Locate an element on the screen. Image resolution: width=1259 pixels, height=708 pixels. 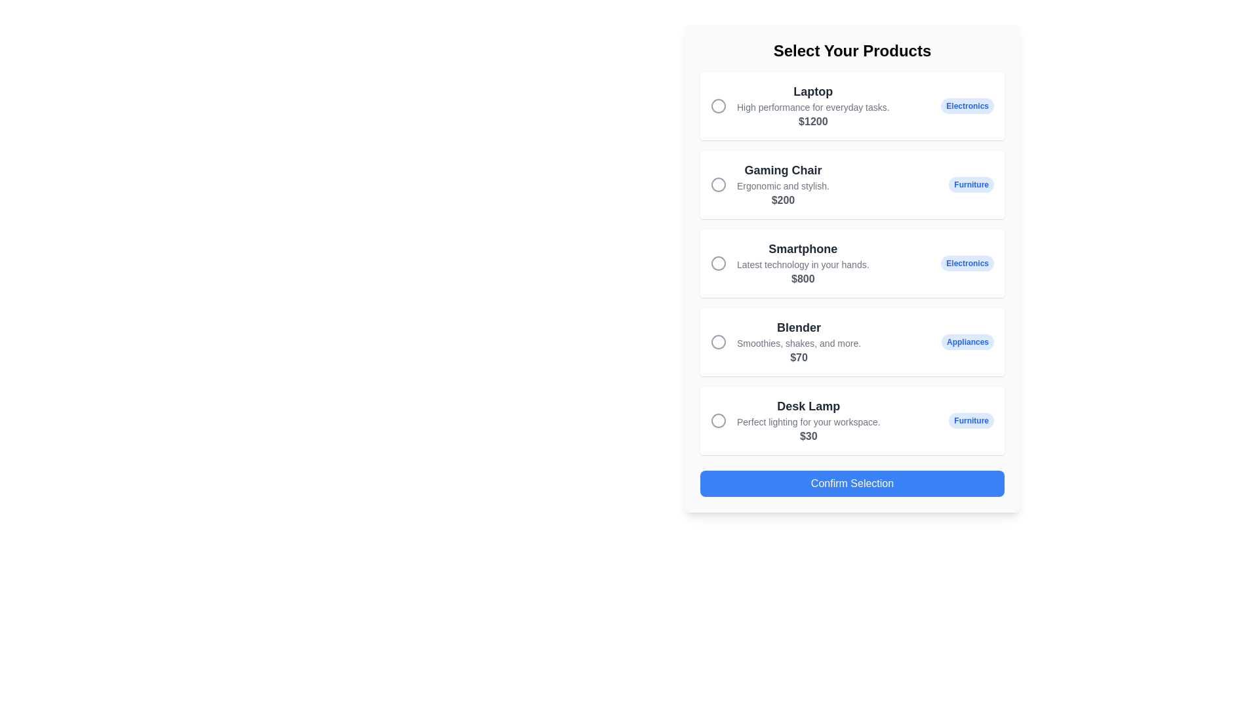
the first product description text block located near the top of the vertical list, which displays information about a product including its name, description, and price is located at coordinates (812, 106).